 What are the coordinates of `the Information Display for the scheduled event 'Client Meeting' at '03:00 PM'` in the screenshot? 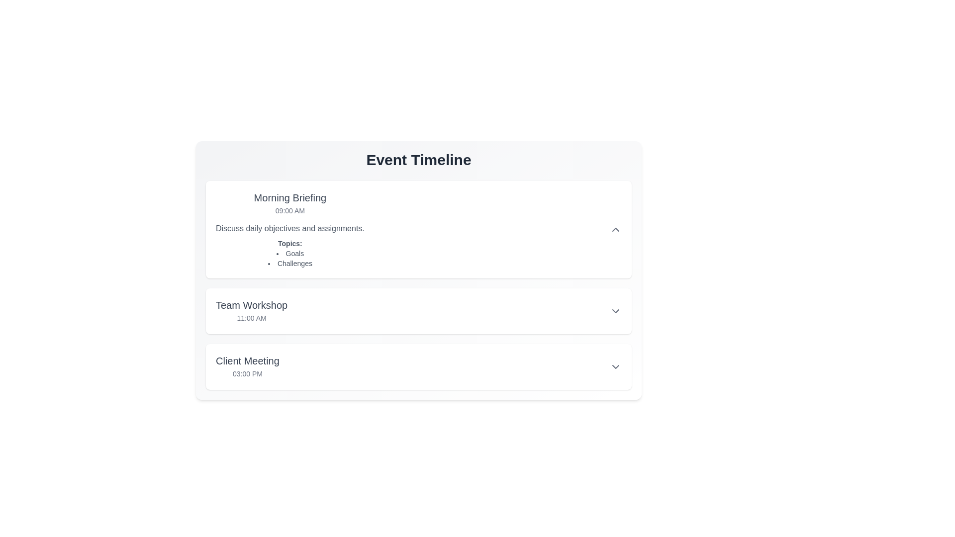 It's located at (418, 366).